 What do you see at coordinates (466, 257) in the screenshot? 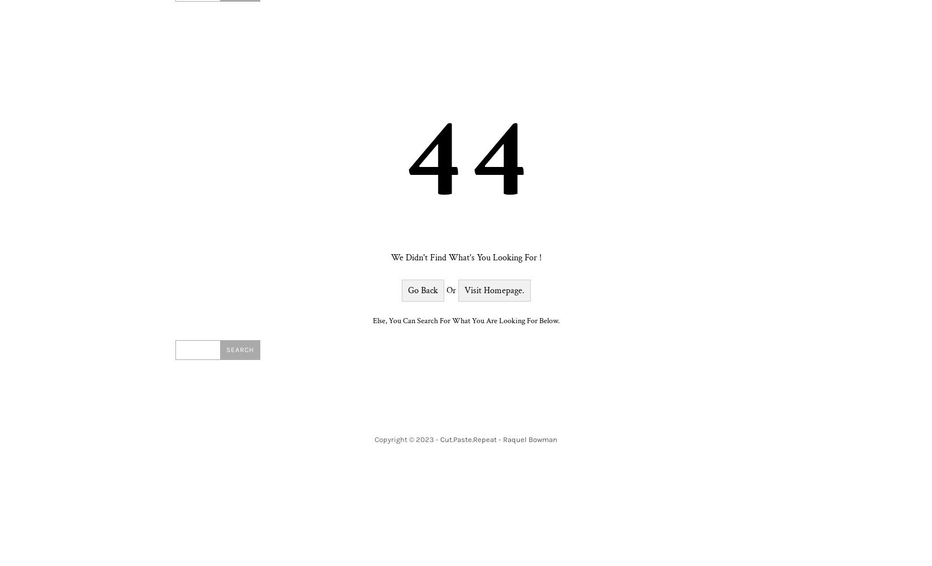
I see `'We didn't find what's you looking for !'` at bounding box center [466, 257].